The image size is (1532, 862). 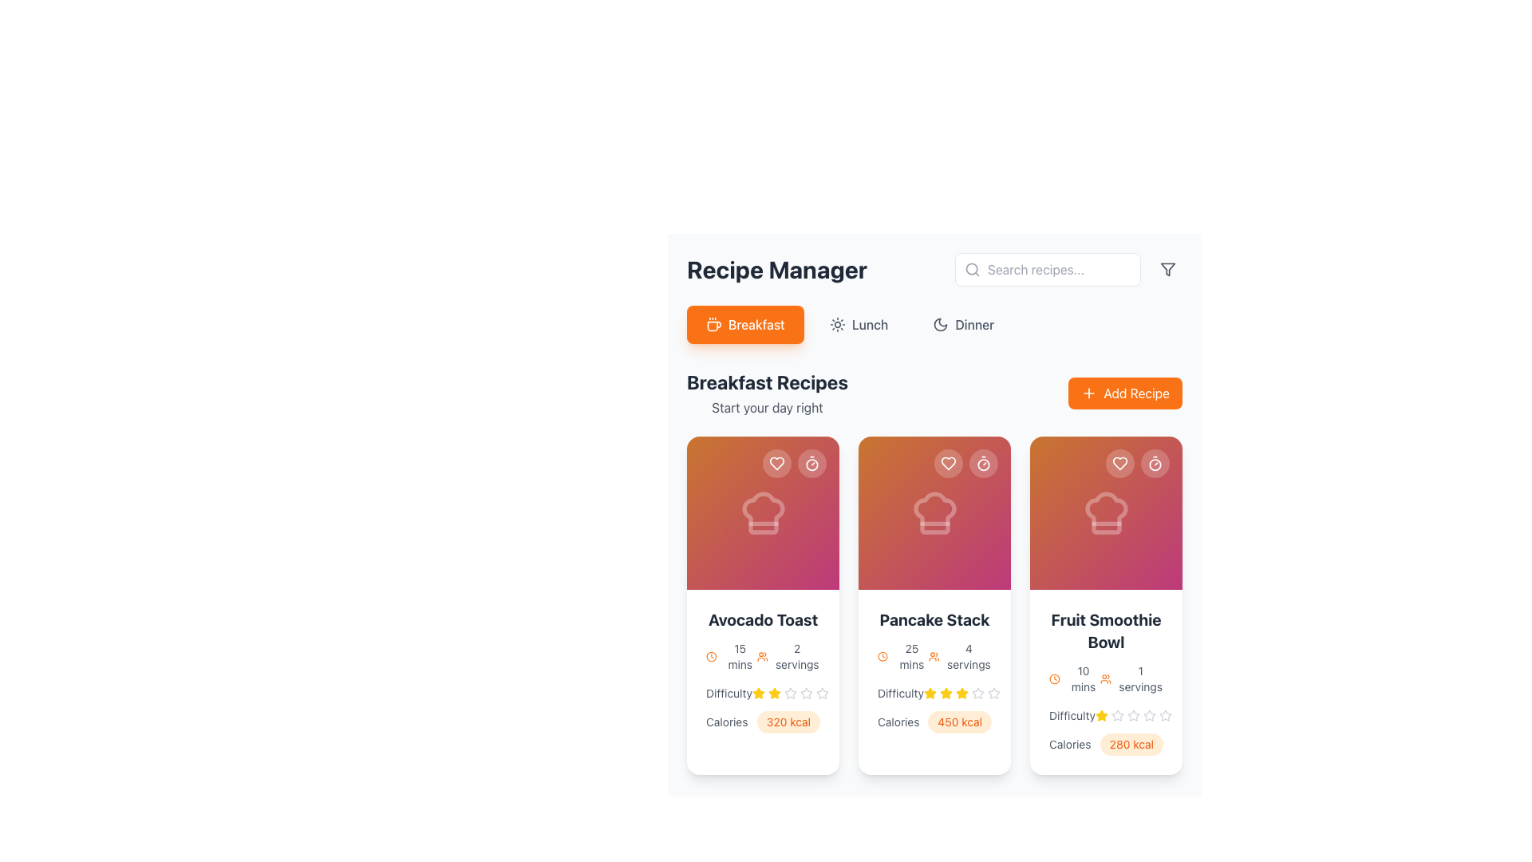 I want to click on the nutritional information display label for the 'Fruit Smoothie Bowl' recipe, which shows the calorie count and is positioned below the 'Difficulty' rating and under the text 'Calories', so click(x=1105, y=732).